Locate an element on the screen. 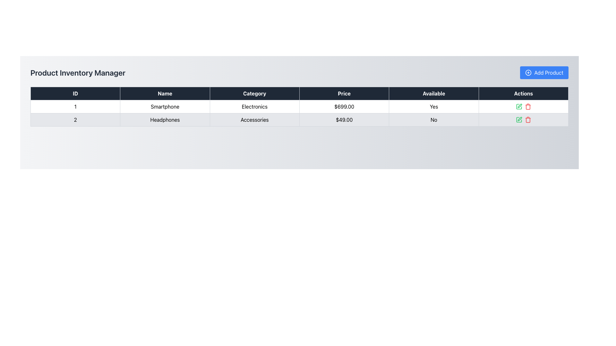 Image resolution: width=616 pixels, height=346 pixels. the delete button icon in the 'Actions' column of the second row of the table is located at coordinates (528, 106).